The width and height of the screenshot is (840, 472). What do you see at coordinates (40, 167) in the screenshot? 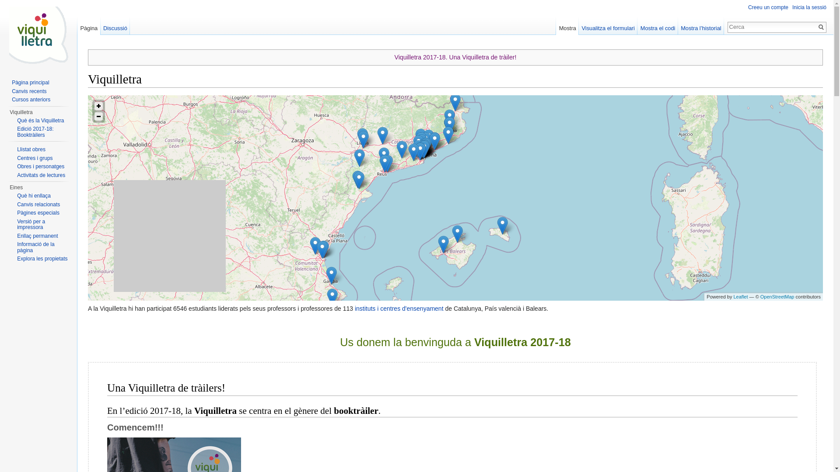
I see `'Obres i personatges'` at bounding box center [40, 167].